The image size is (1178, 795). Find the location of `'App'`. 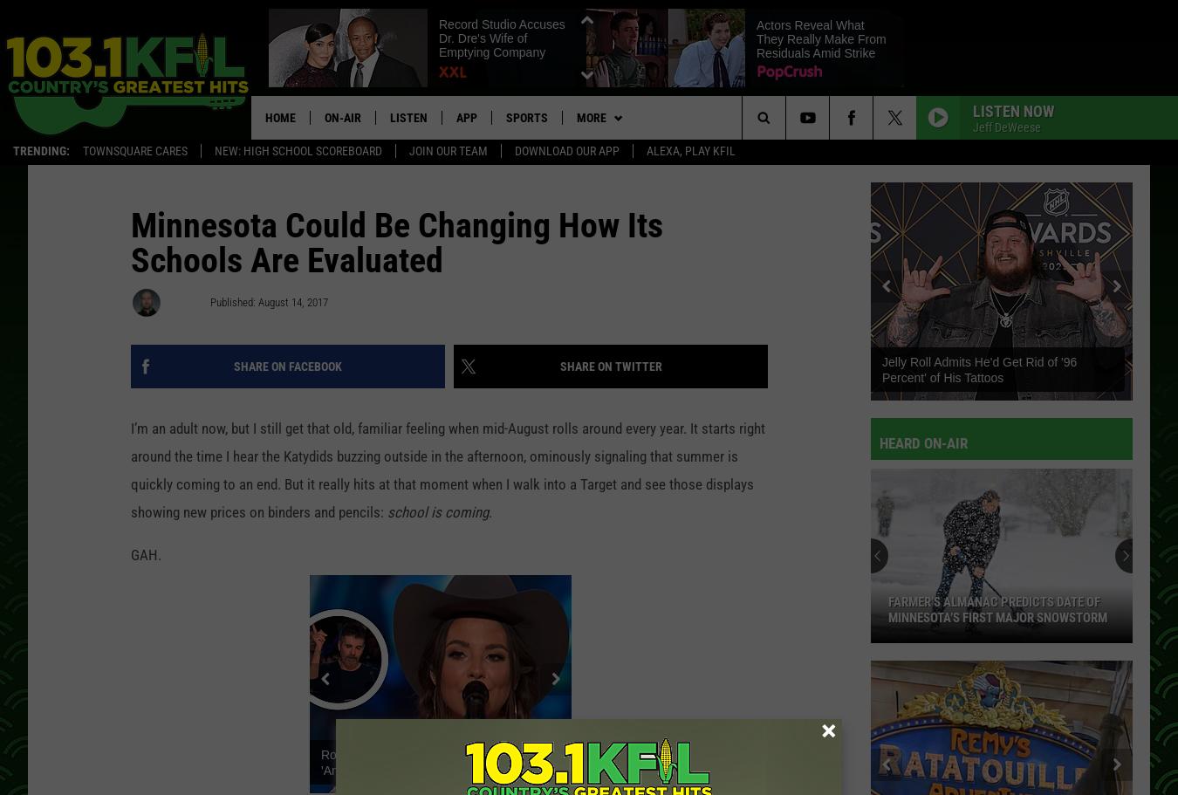

'App' is located at coordinates (466, 117).